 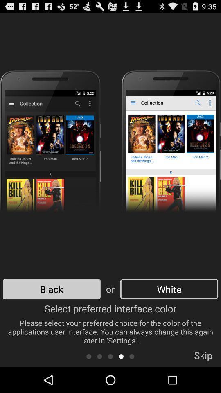 I want to click on display picture on this link, so click(x=132, y=356).